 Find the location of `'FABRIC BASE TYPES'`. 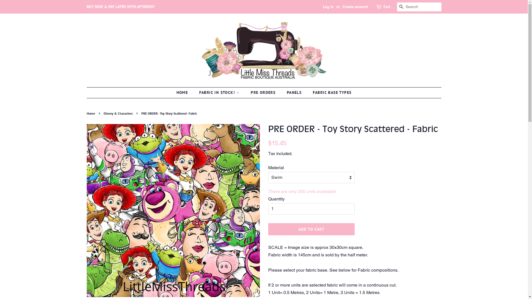

'FABRIC BASE TYPES' is located at coordinates (330, 92).